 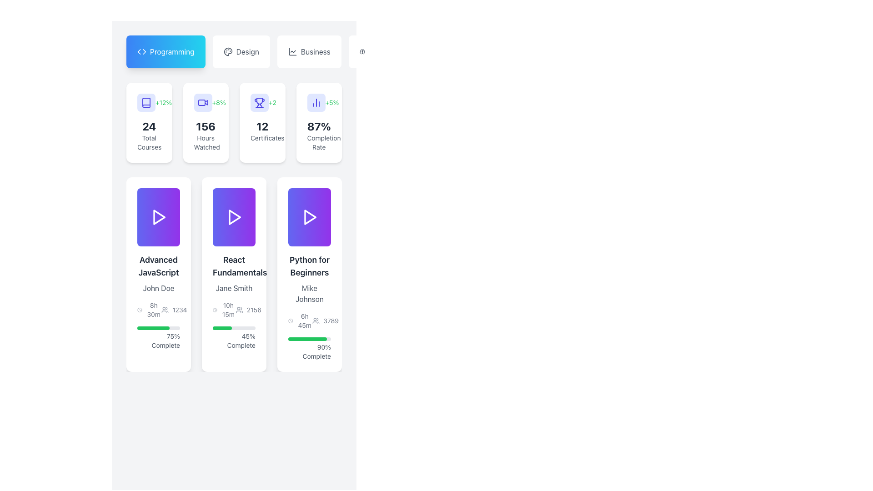 I want to click on the progress indicator component displaying '75% Complete' within the 'Advanced JavaScript' card, located at the bottom section beneath the user statistics, so click(x=159, y=338).